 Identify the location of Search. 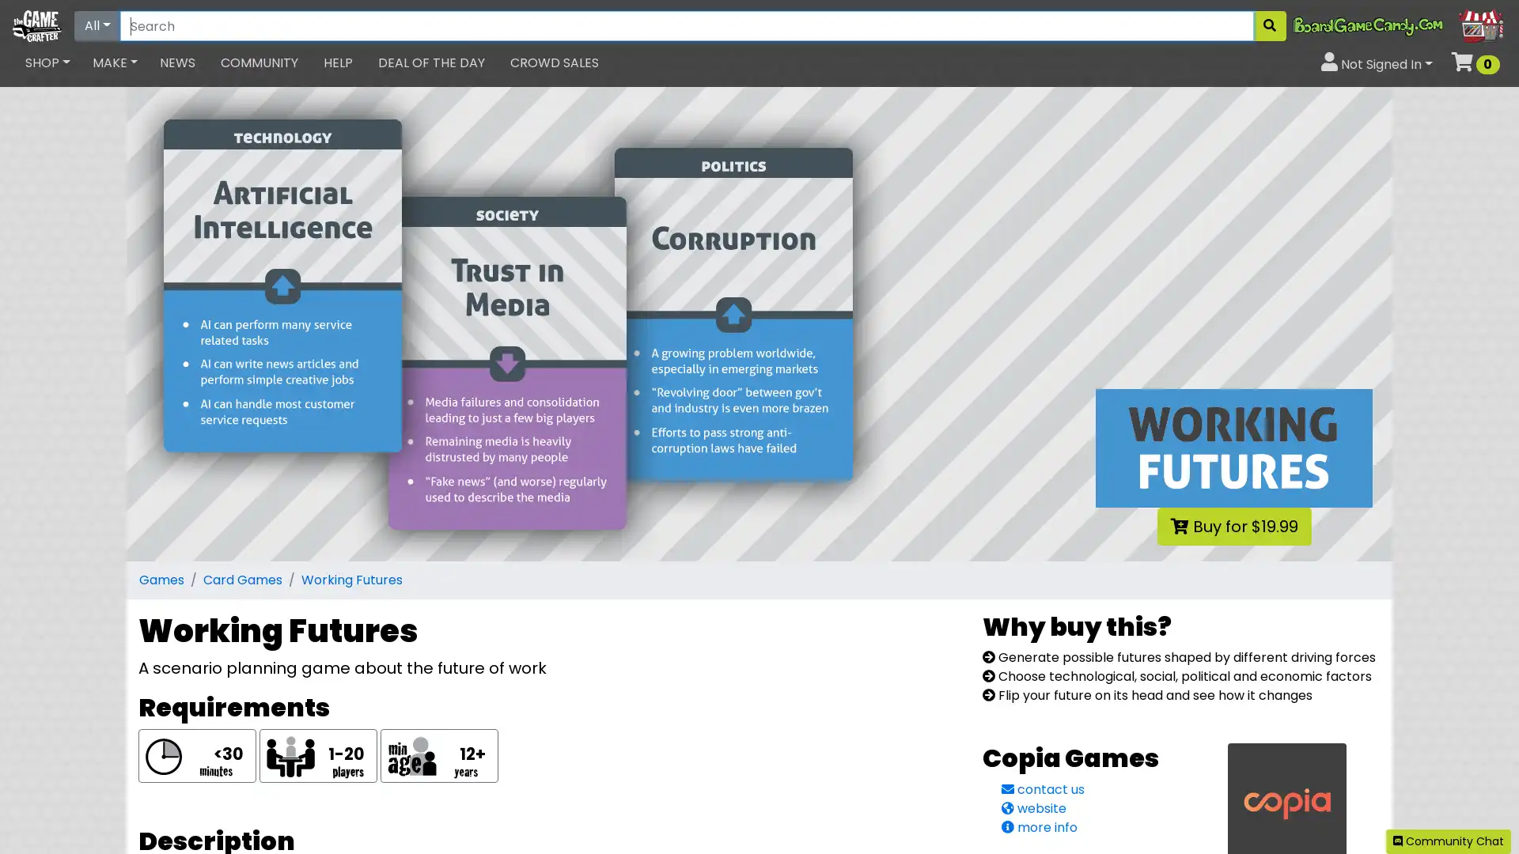
(1269, 26).